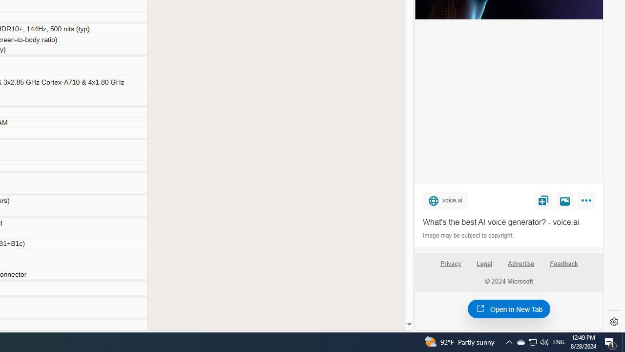 The image size is (625, 352). Describe the element at coordinates (587, 201) in the screenshot. I see `'More'` at that location.